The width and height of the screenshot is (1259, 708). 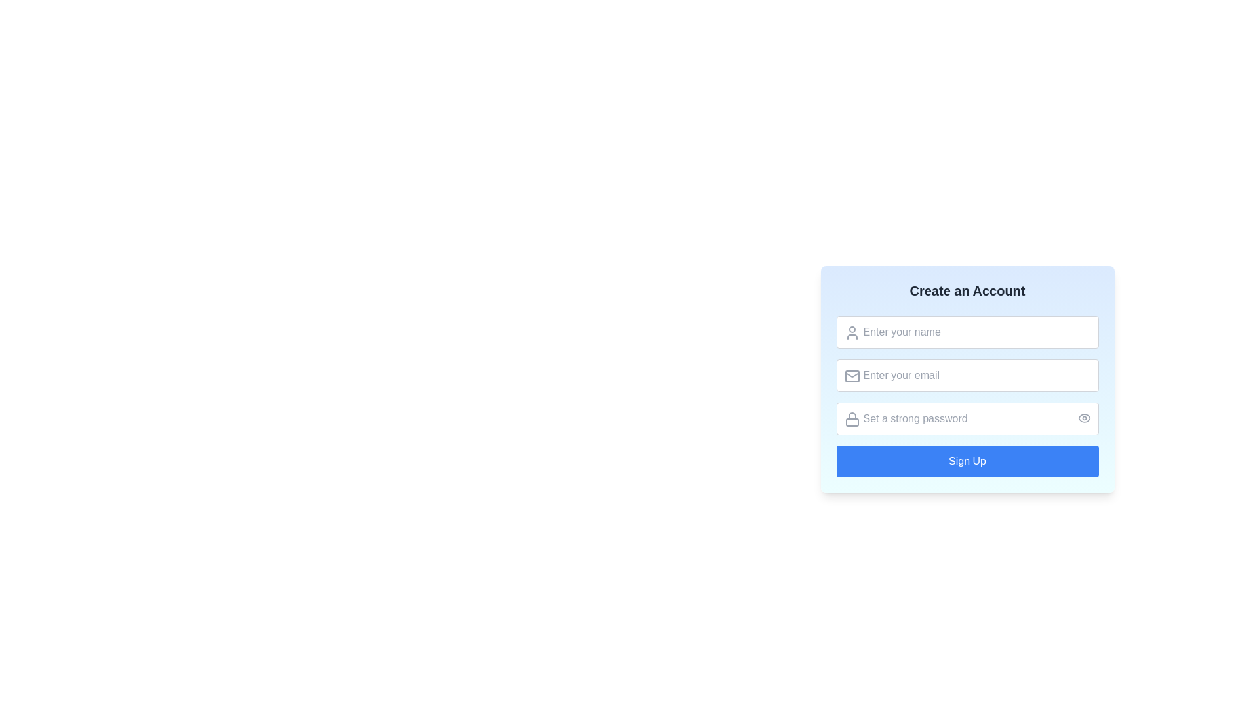 I want to click on the lower rectangle of the lock icon, which indicates the locked state for the 'Set a strong password' input field in the 'Create an Account' form, so click(x=852, y=422).